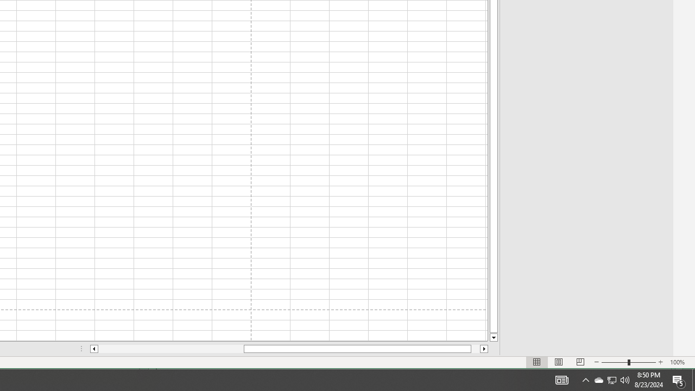 Image resolution: width=695 pixels, height=391 pixels. Describe the element at coordinates (585, 379) in the screenshot. I see `'Notification Chevron'` at that location.